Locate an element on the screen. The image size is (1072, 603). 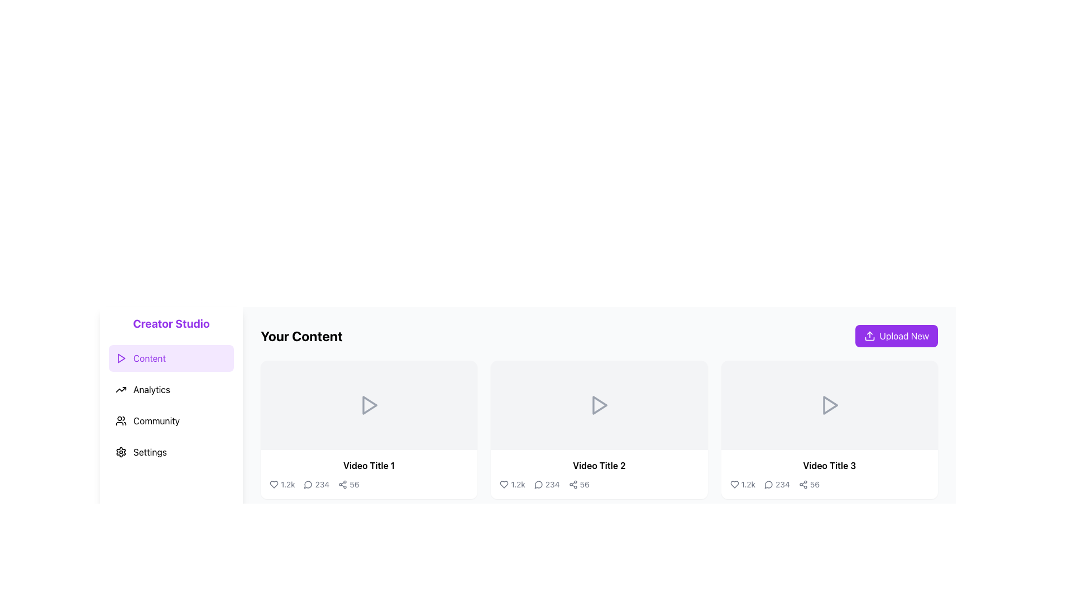
the Text with Icon displaying the number '56' and a share icon, located at the bottom-right corner of the 'Video Title 1' card in the 'Your Content' section is located at coordinates (348, 484).